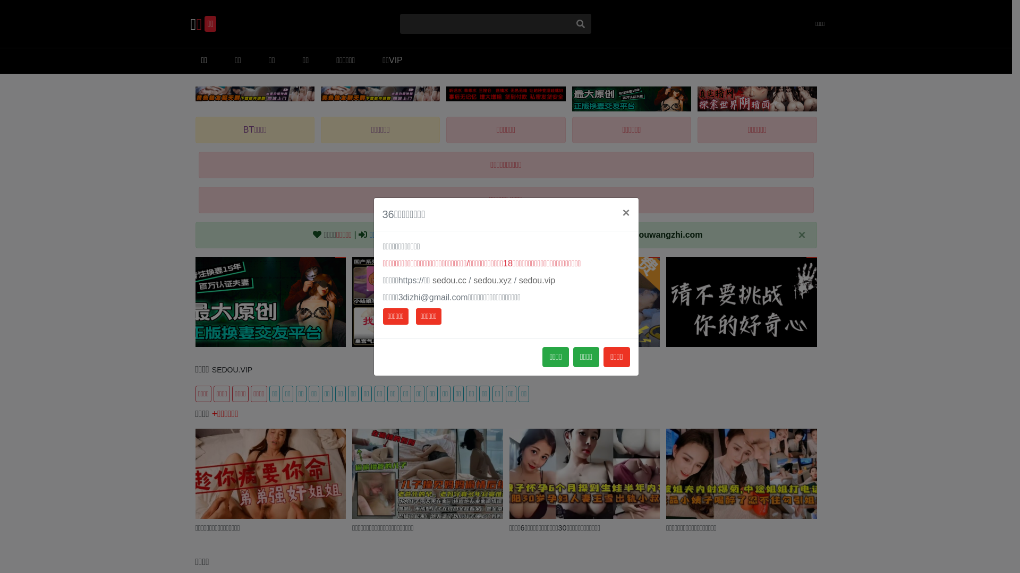 The height and width of the screenshot is (573, 1020). Describe the element at coordinates (491, 280) in the screenshot. I see `'sedou.xyz'` at that location.